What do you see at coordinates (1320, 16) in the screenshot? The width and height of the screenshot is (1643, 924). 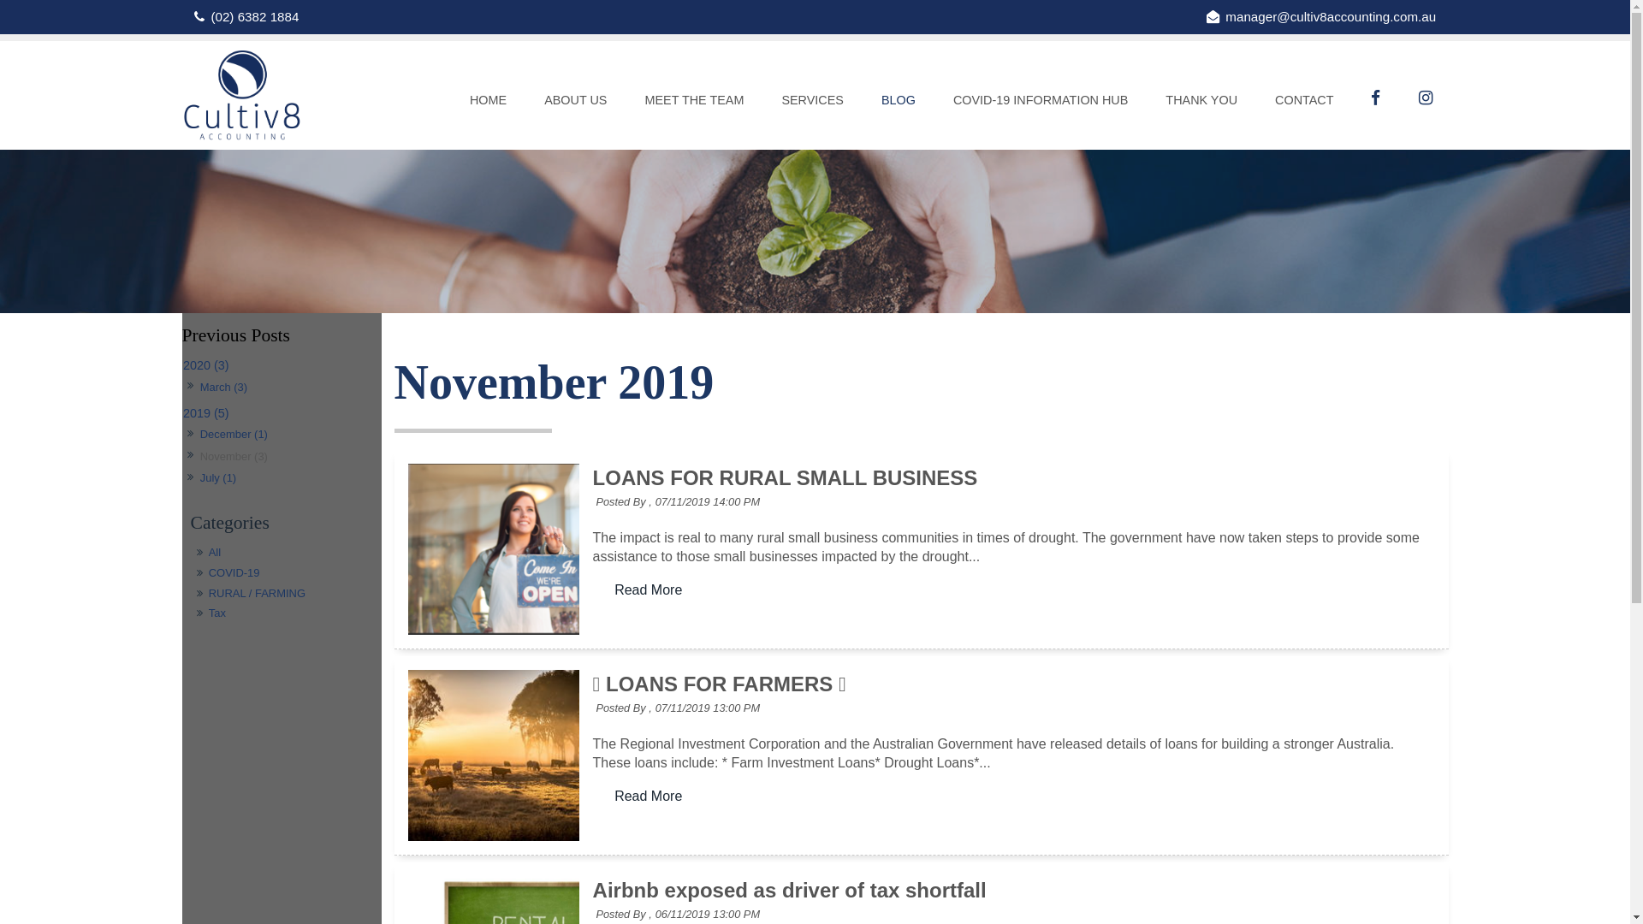 I see `'manager@cultiv8accounting.com.au'` at bounding box center [1320, 16].